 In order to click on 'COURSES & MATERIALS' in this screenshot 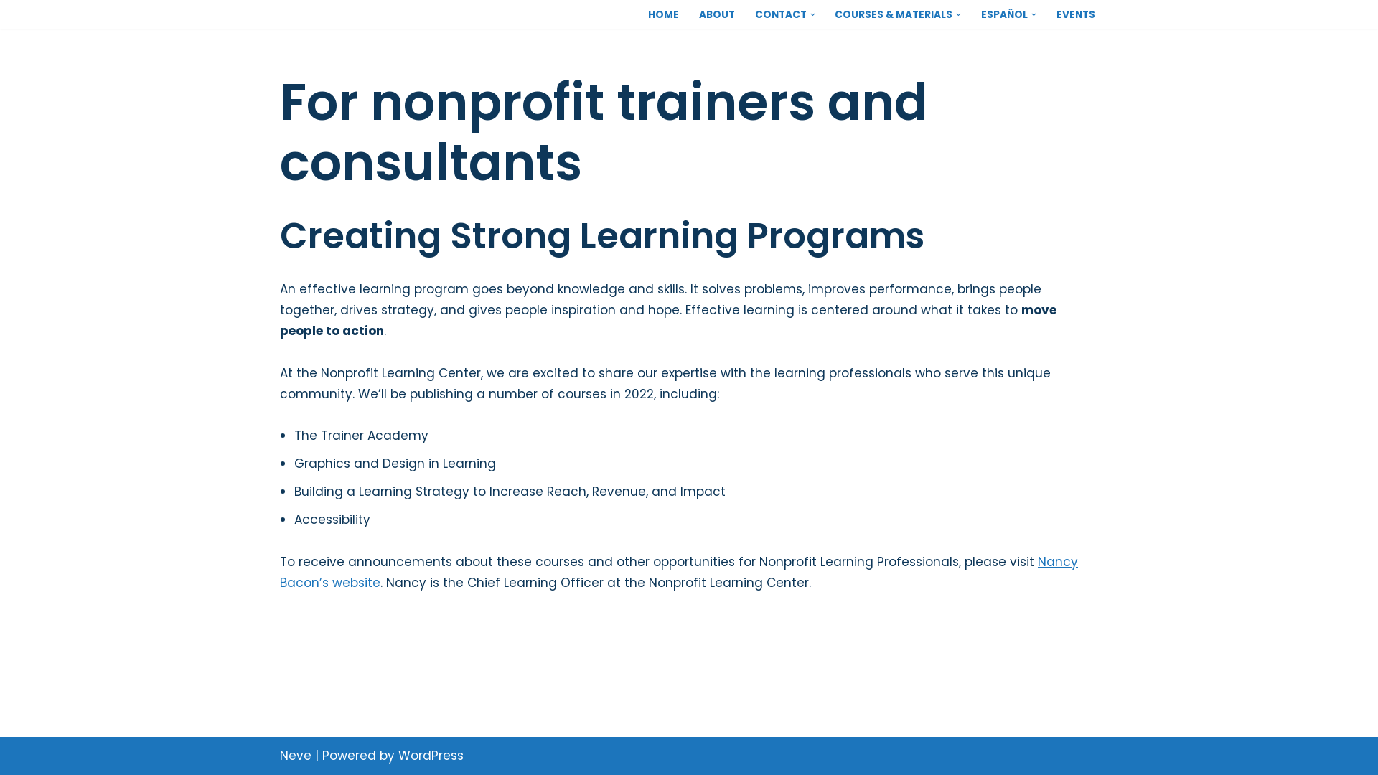, I will do `click(892, 14)`.